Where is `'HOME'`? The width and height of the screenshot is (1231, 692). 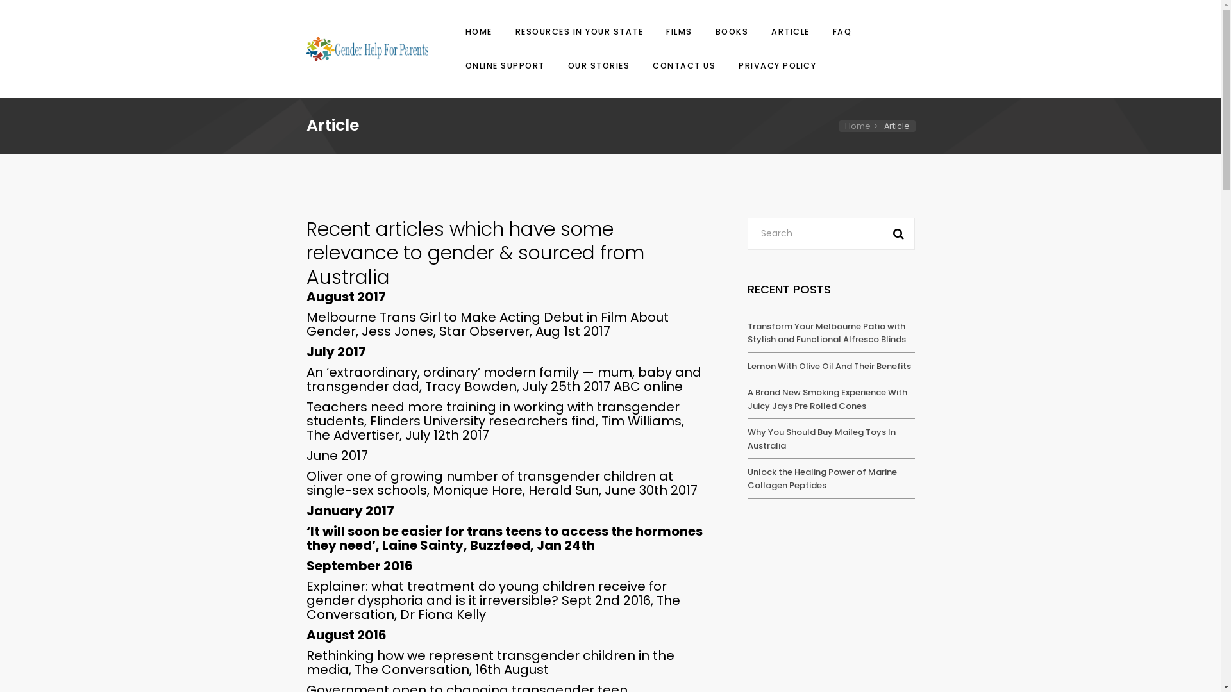 'HOME' is located at coordinates (477, 31).